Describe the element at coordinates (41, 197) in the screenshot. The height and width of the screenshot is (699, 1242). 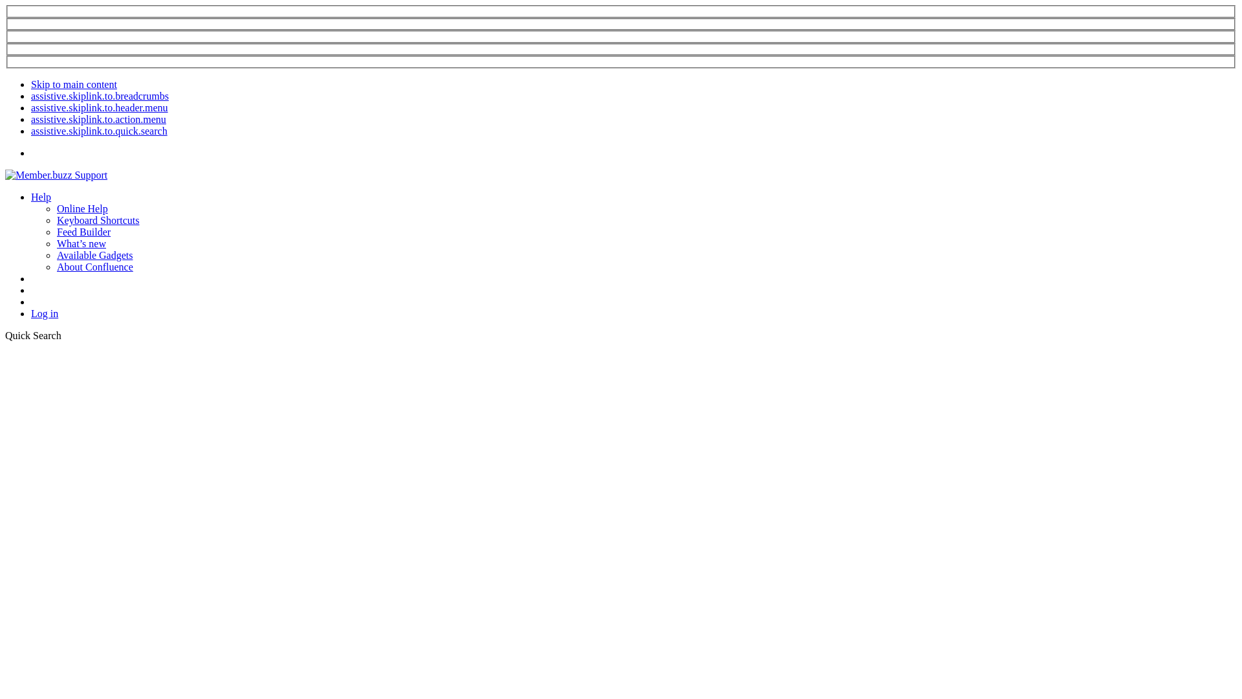
I see `'Help'` at that location.